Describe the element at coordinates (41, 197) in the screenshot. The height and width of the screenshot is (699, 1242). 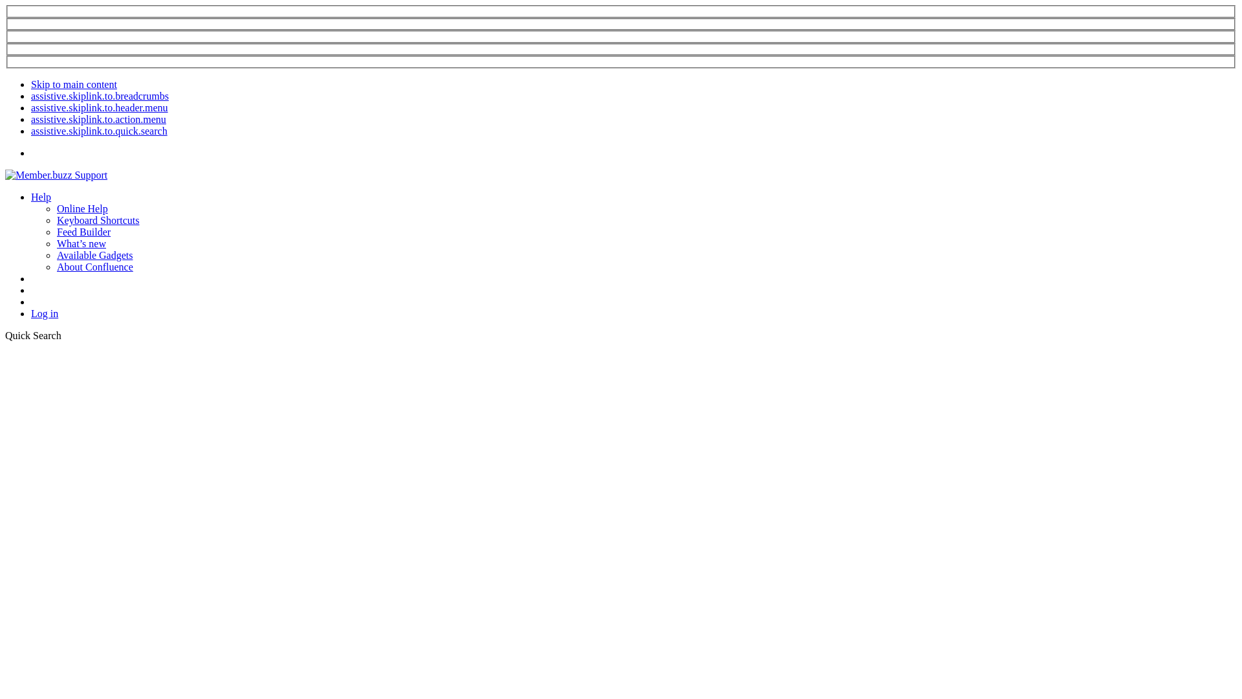
I see `'Help'` at that location.